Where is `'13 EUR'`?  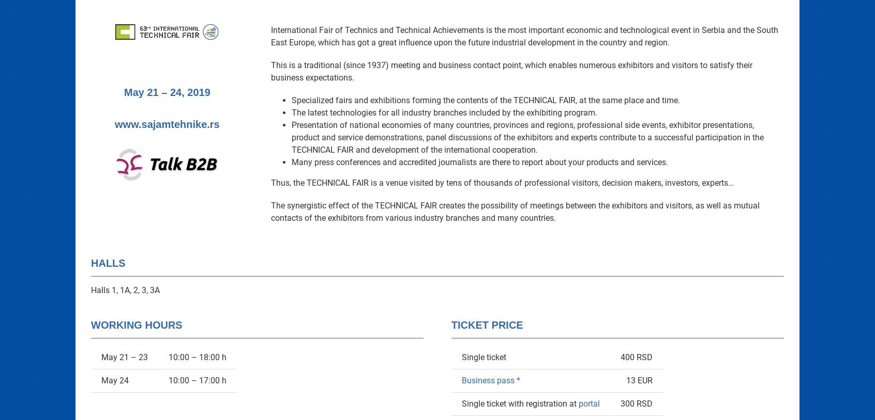 '13 EUR' is located at coordinates (625, 380).